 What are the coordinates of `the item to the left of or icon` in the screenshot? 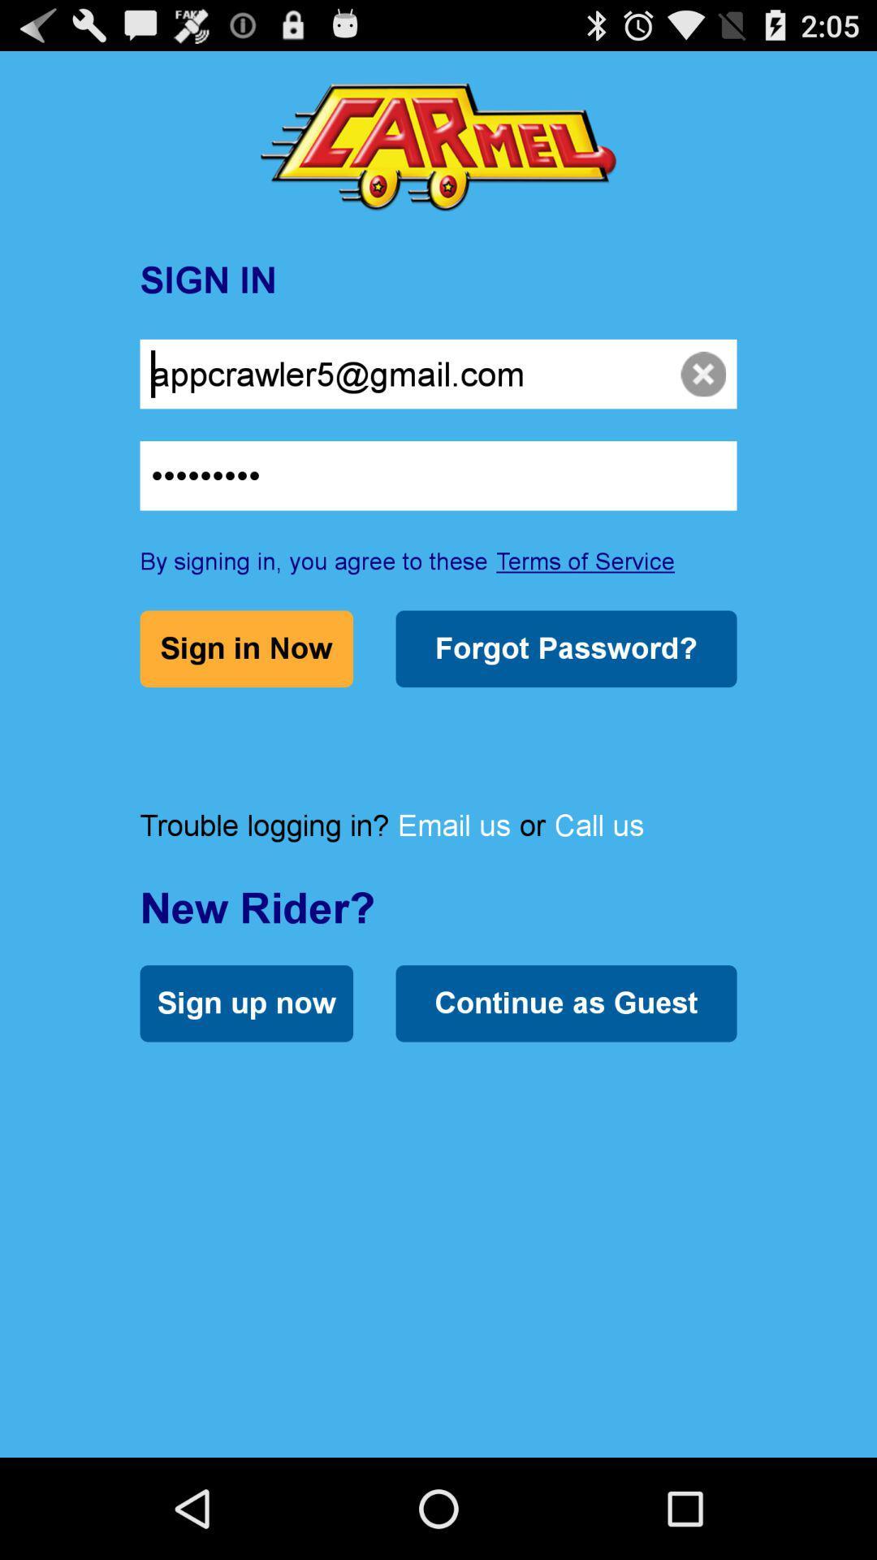 It's located at (454, 825).